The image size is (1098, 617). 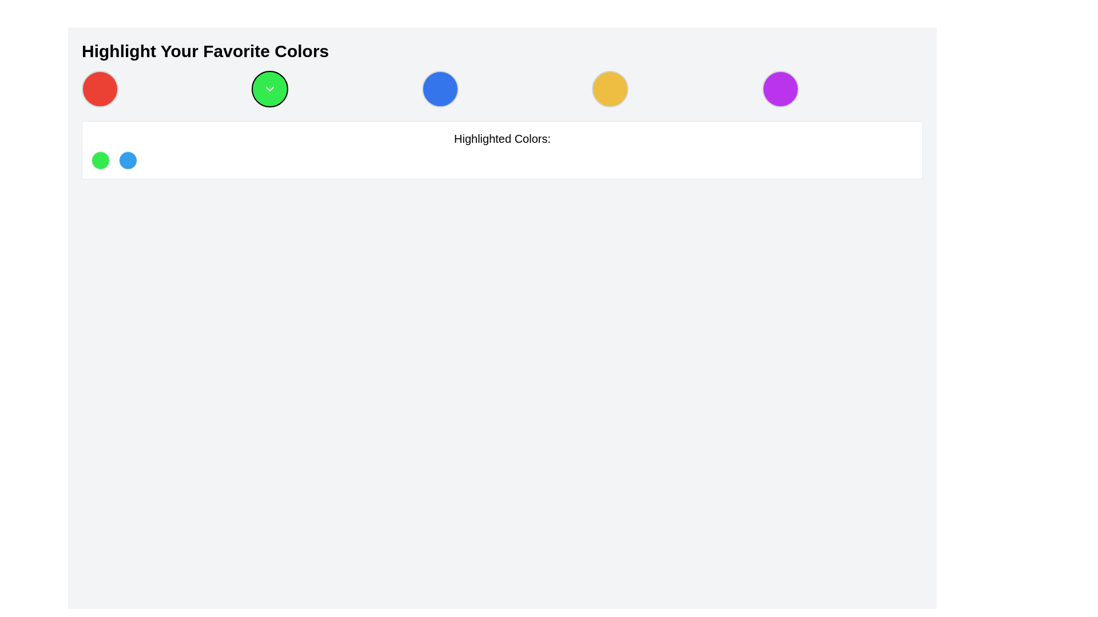 What do you see at coordinates (101, 161) in the screenshot?
I see `the Circle Button, which is a green circular button located below the heading 'Highlight Your Favorite Colors'` at bounding box center [101, 161].